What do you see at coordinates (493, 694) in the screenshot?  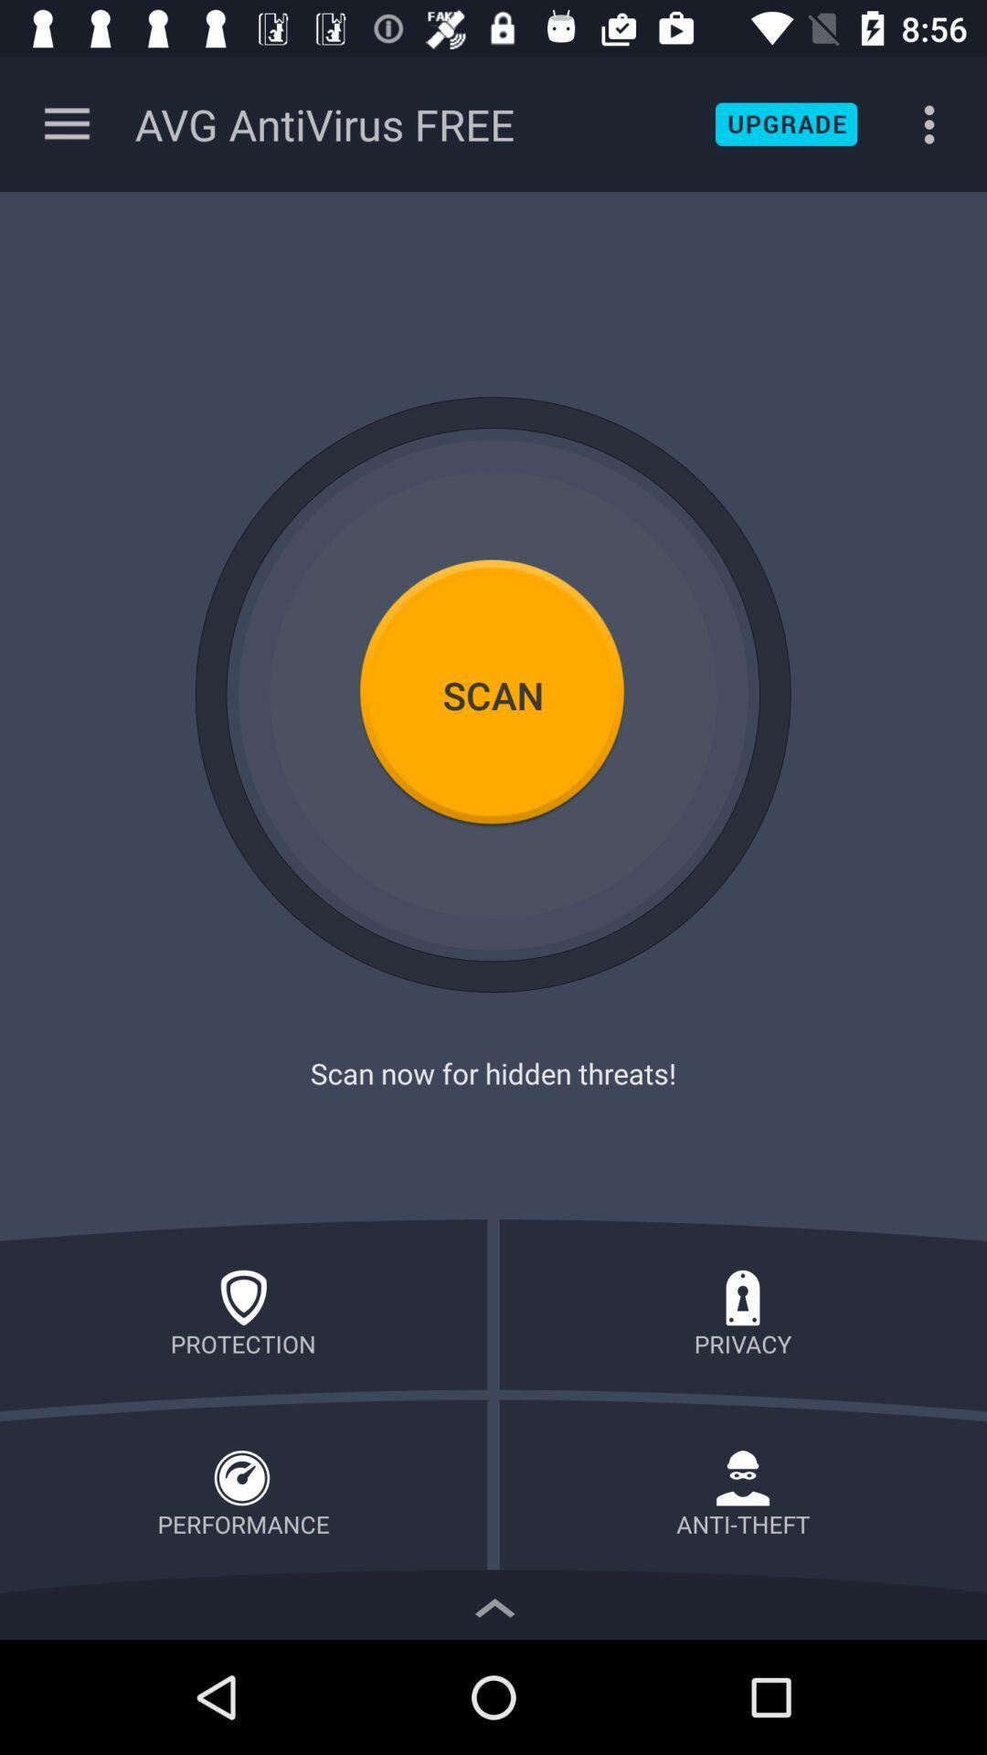 I see `scan` at bounding box center [493, 694].